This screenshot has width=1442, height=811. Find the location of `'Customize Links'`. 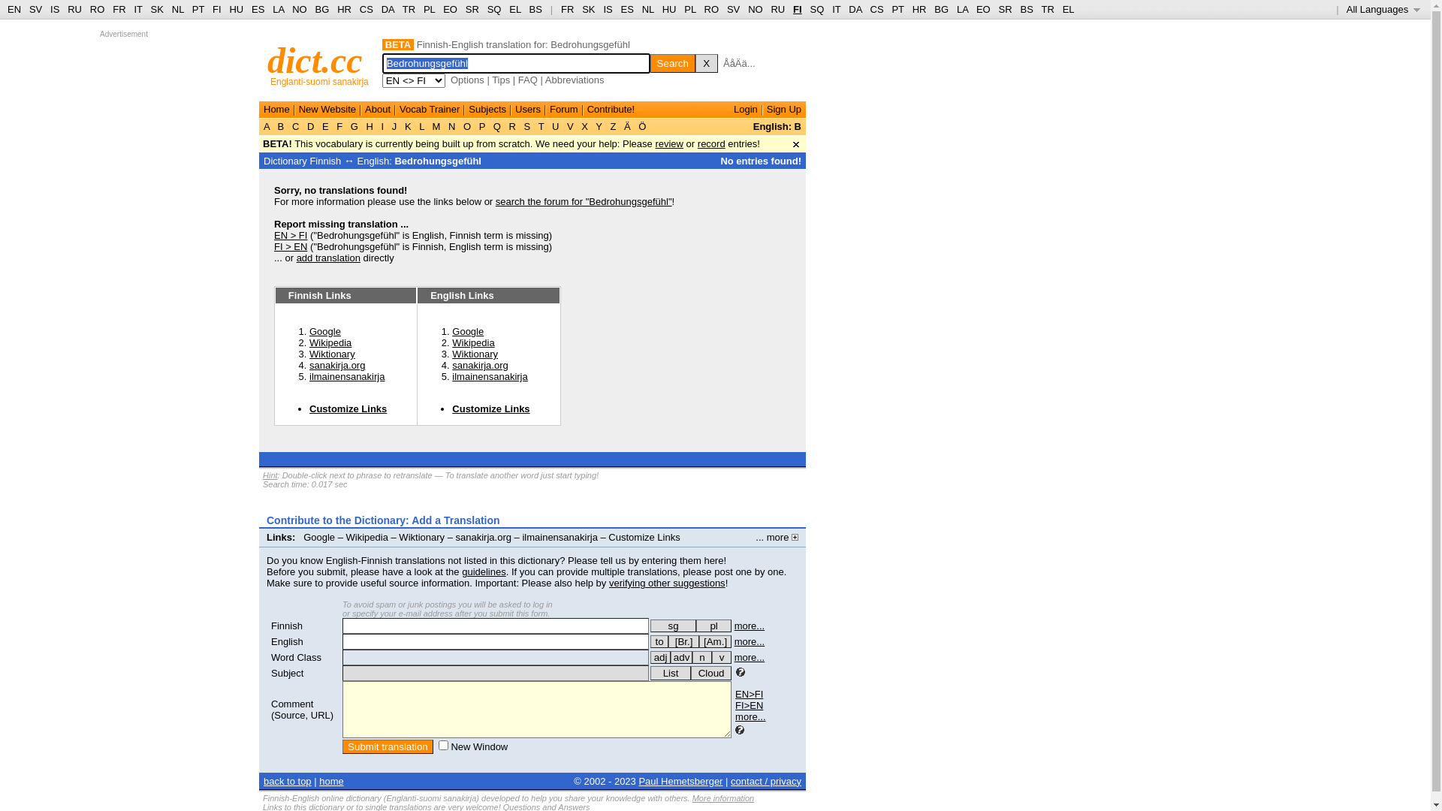

'Customize Links' is located at coordinates (347, 409).